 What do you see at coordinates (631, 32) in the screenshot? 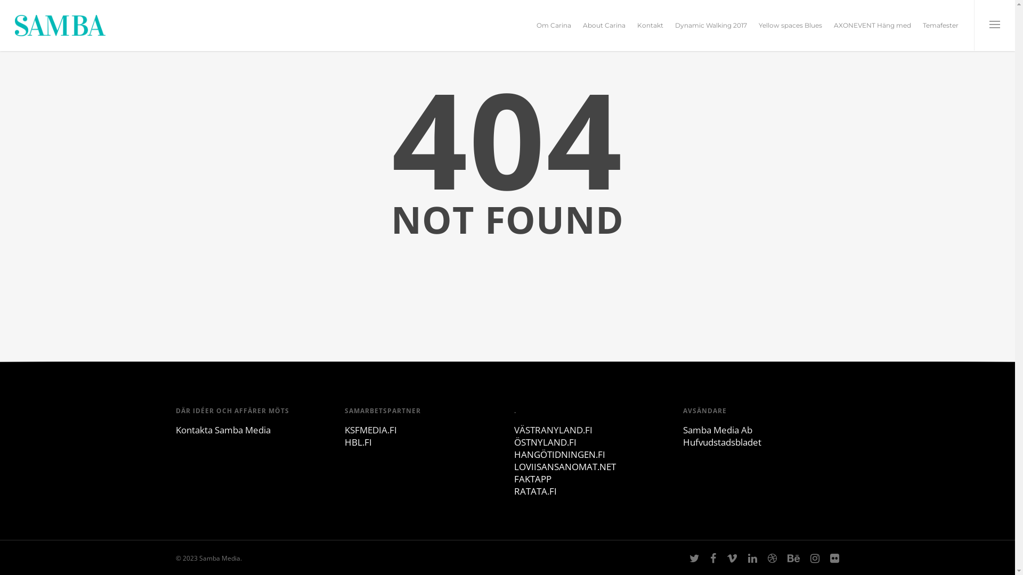
I see `'Kontakt'` at bounding box center [631, 32].